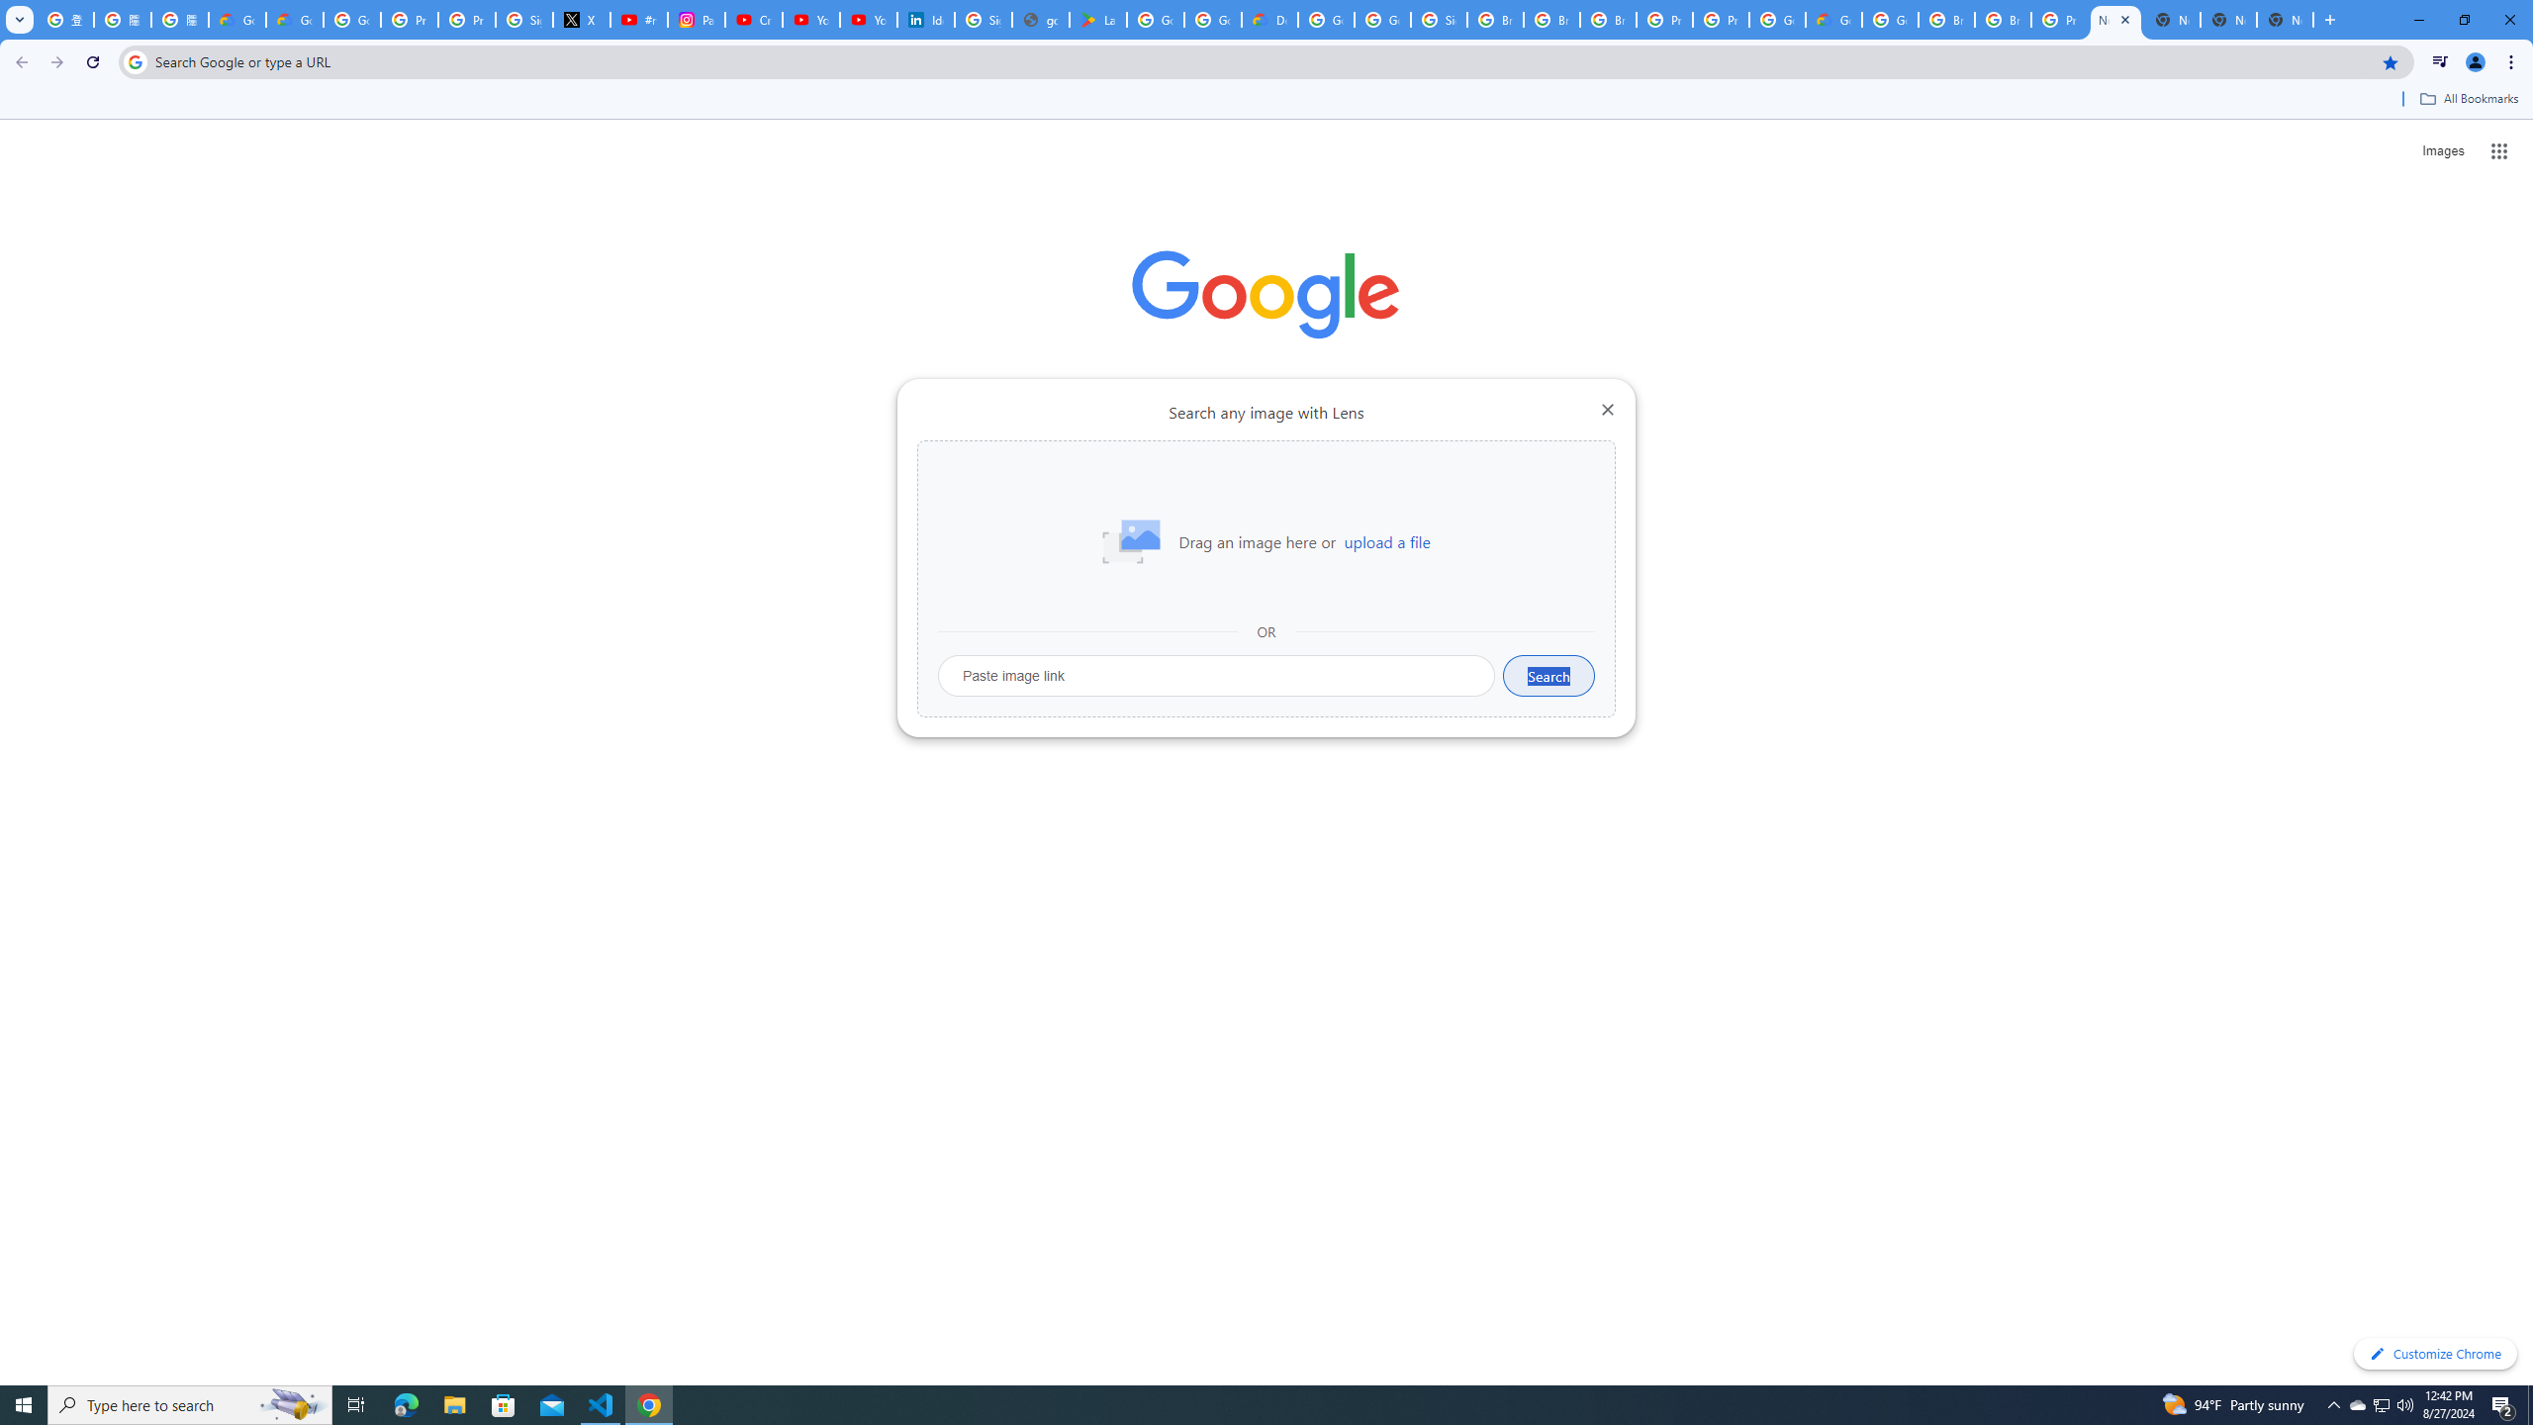 Image resolution: width=2533 pixels, height=1425 pixels. Describe the element at coordinates (2286, 19) in the screenshot. I see `'New Tab'` at that location.